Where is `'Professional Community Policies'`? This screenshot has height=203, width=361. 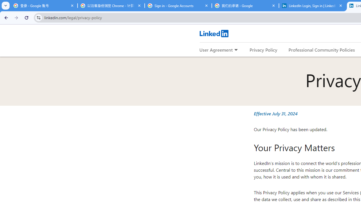
'Professional Community Policies' is located at coordinates (322, 49).